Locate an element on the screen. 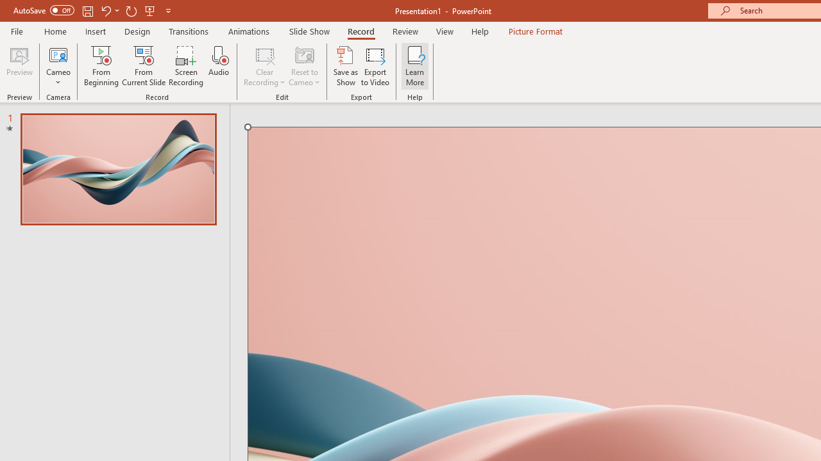 The height and width of the screenshot is (461, 821). 'View' is located at coordinates (444, 31).